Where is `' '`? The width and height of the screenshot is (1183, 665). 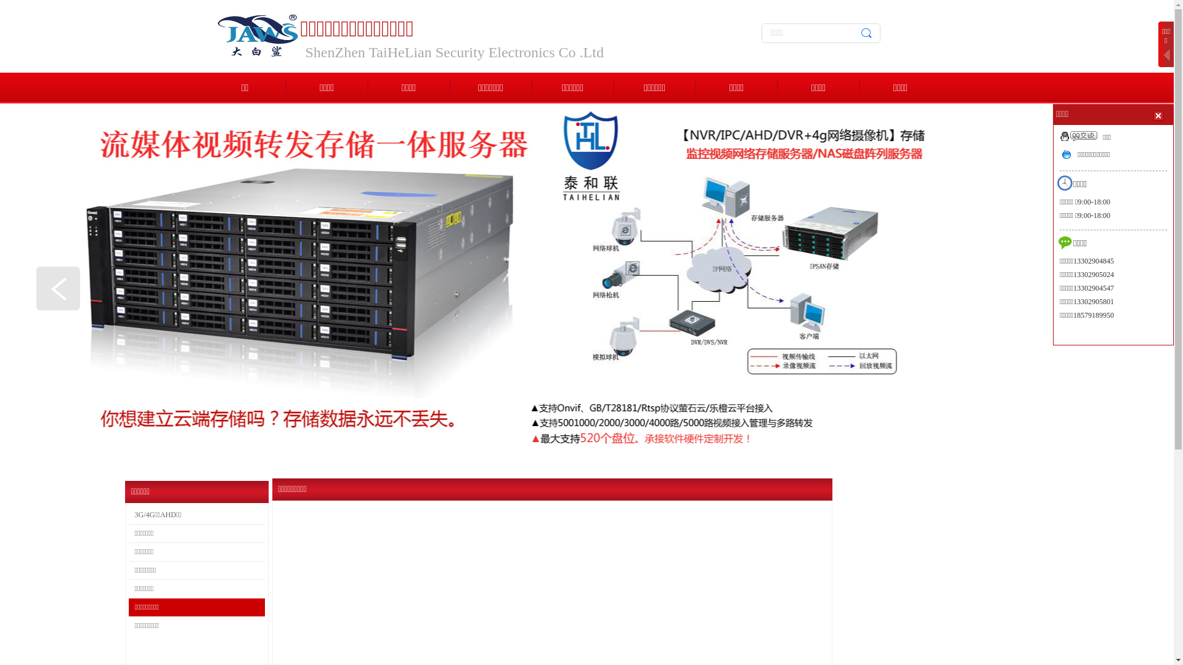 ' ' is located at coordinates (1158, 115).